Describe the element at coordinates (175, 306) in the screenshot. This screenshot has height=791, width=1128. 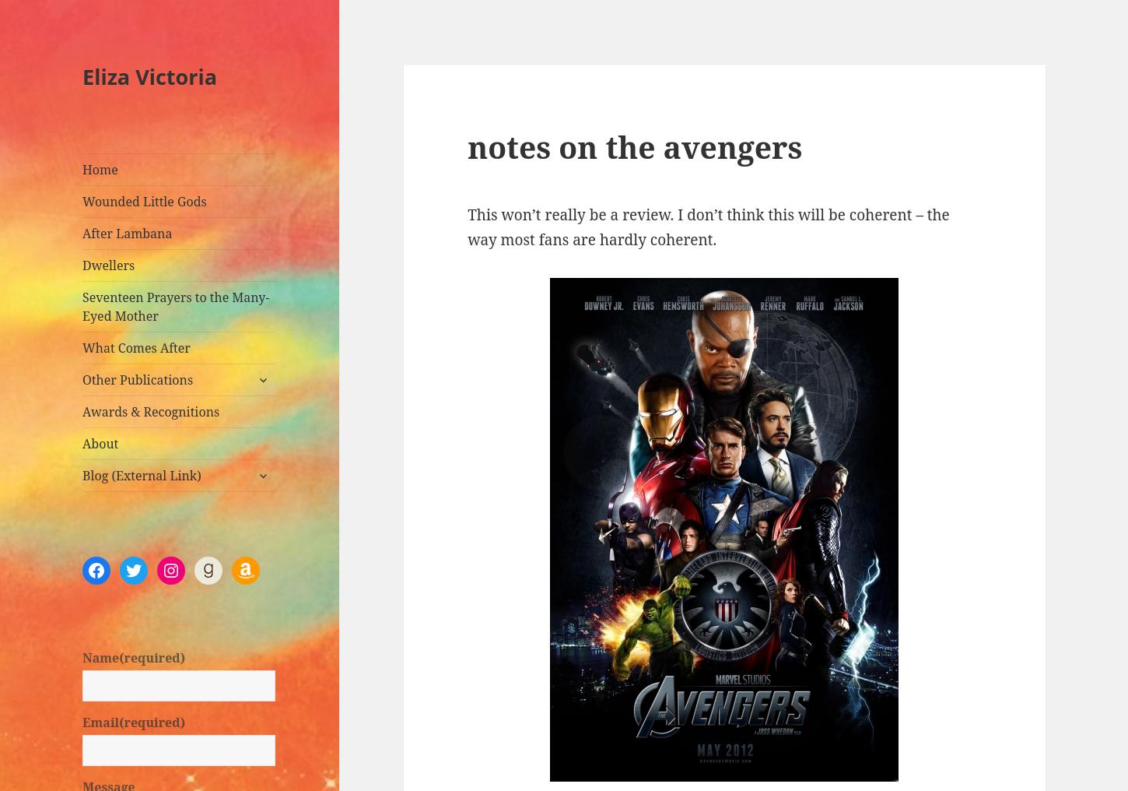
I see `'Seventeen Prayers to the Many-Eyed Mother'` at that location.